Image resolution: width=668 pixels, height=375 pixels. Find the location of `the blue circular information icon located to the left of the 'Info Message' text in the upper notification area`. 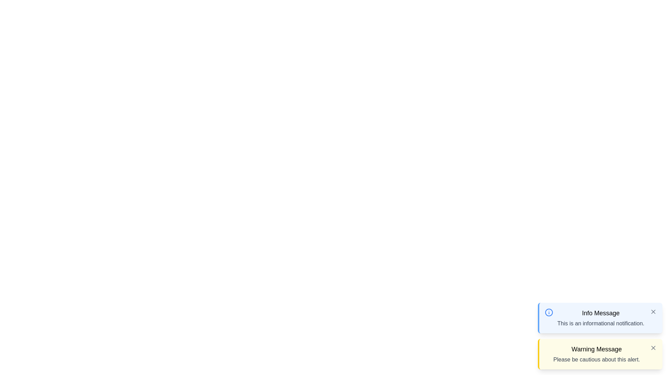

the blue circular information icon located to the left of the 'Info Message' text in the upper notification area is located at coordinates (549, 312).